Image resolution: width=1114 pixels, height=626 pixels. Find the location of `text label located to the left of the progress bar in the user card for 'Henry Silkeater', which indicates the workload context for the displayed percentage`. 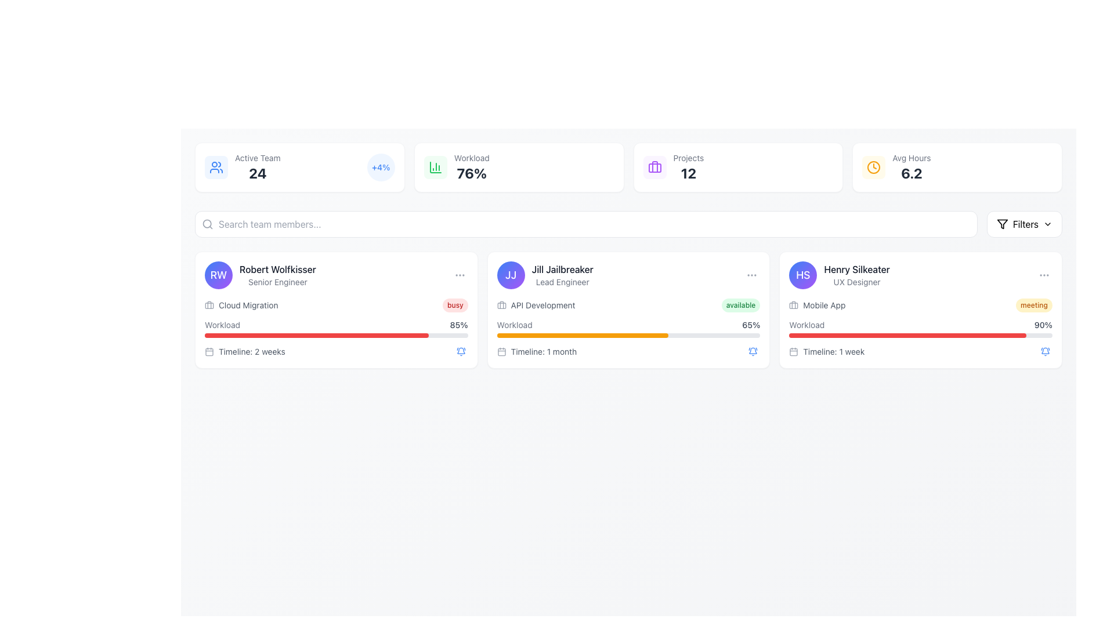

text label located to the left of the progress bar in the user card for 'Henry Silkeater', which indicates the workload context for the displayed percentage is located at coordinates (806, 325).